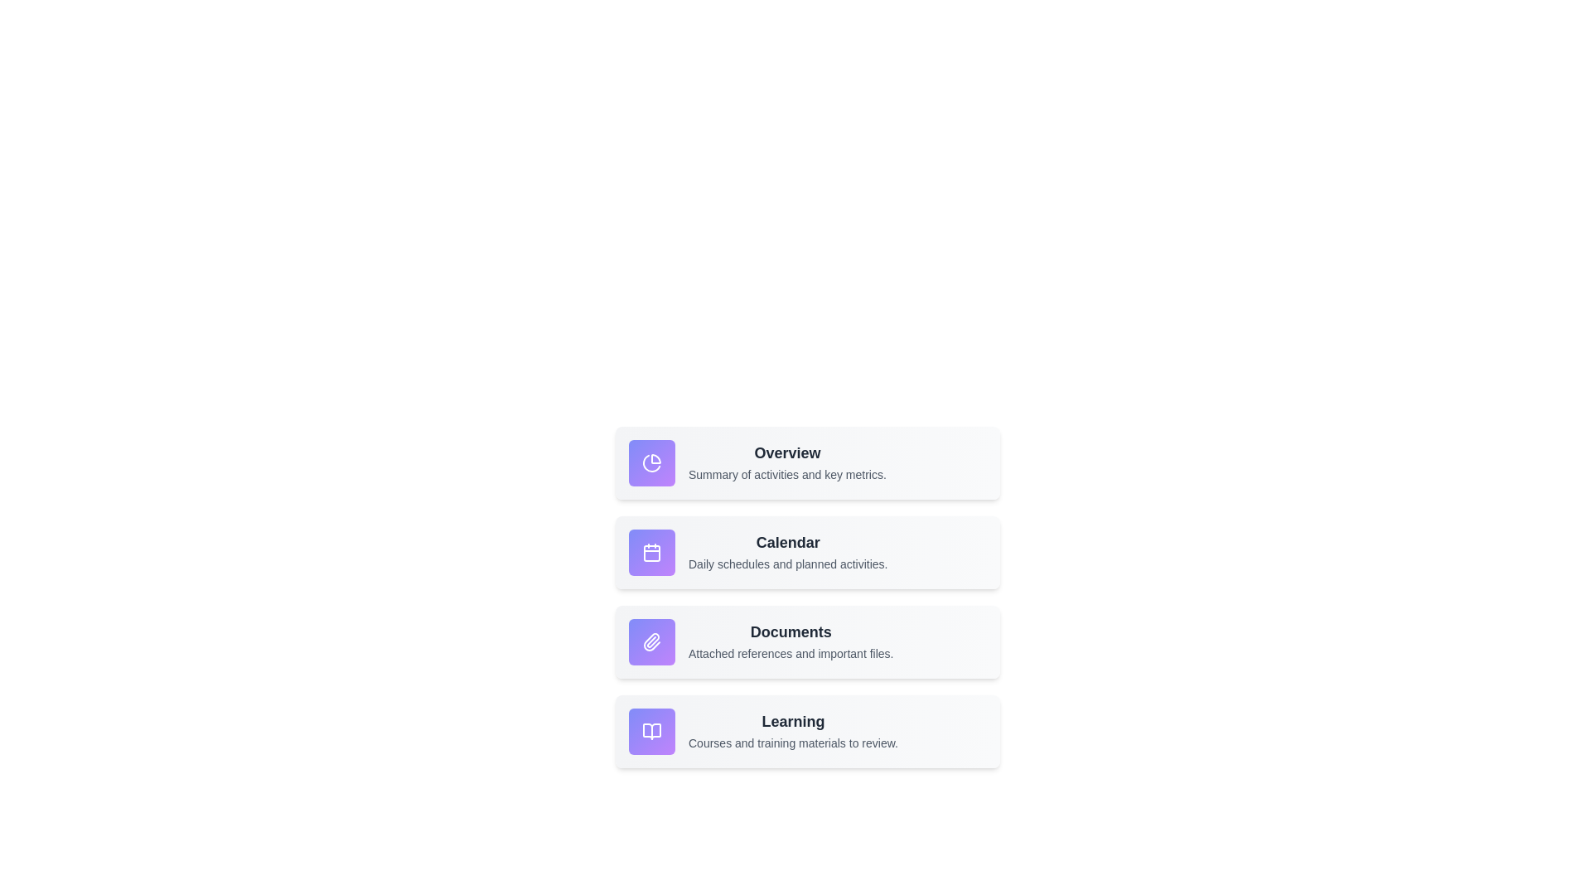  Describe the element at coordinates (651, 731) in the screenshot. I see `the functionality of the icon corresponding to Learning` at that location.